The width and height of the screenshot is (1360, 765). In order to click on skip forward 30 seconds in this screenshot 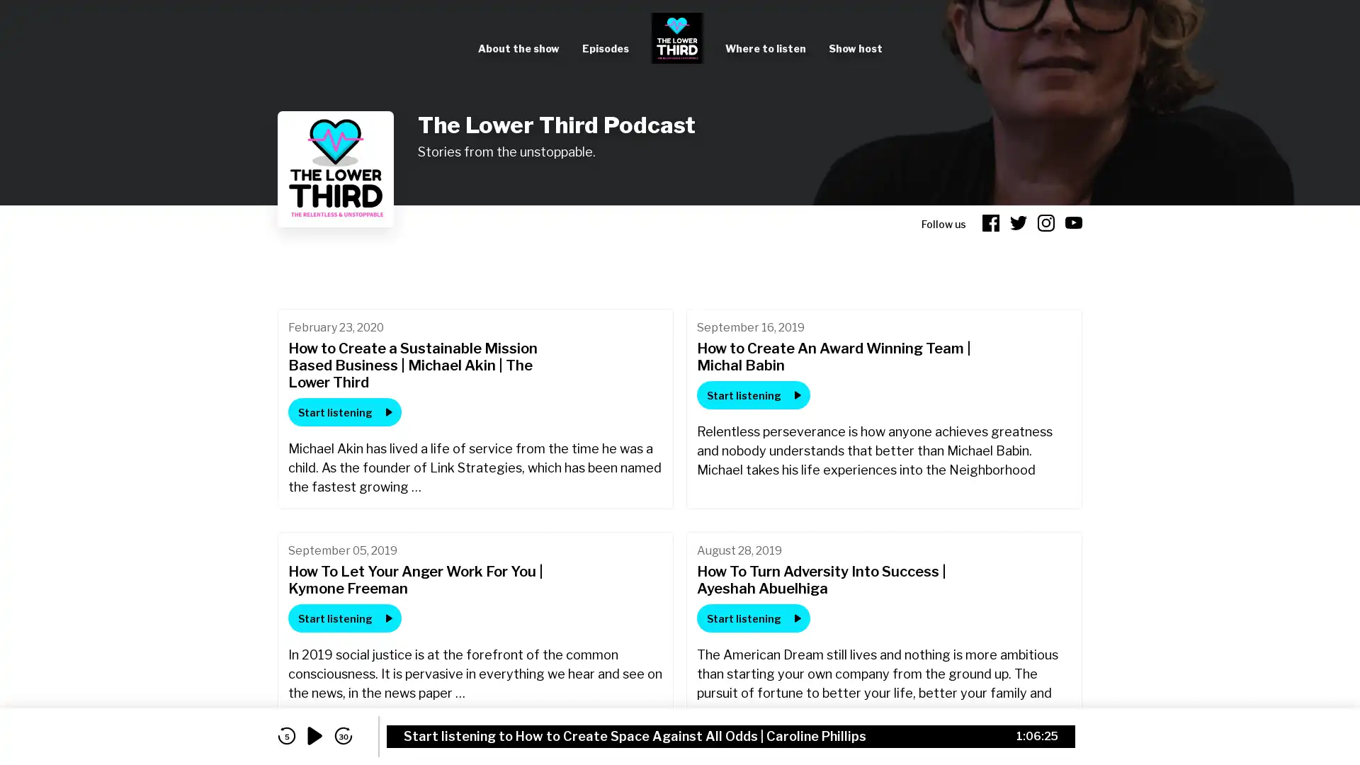, I will do `click(343, 735)`.